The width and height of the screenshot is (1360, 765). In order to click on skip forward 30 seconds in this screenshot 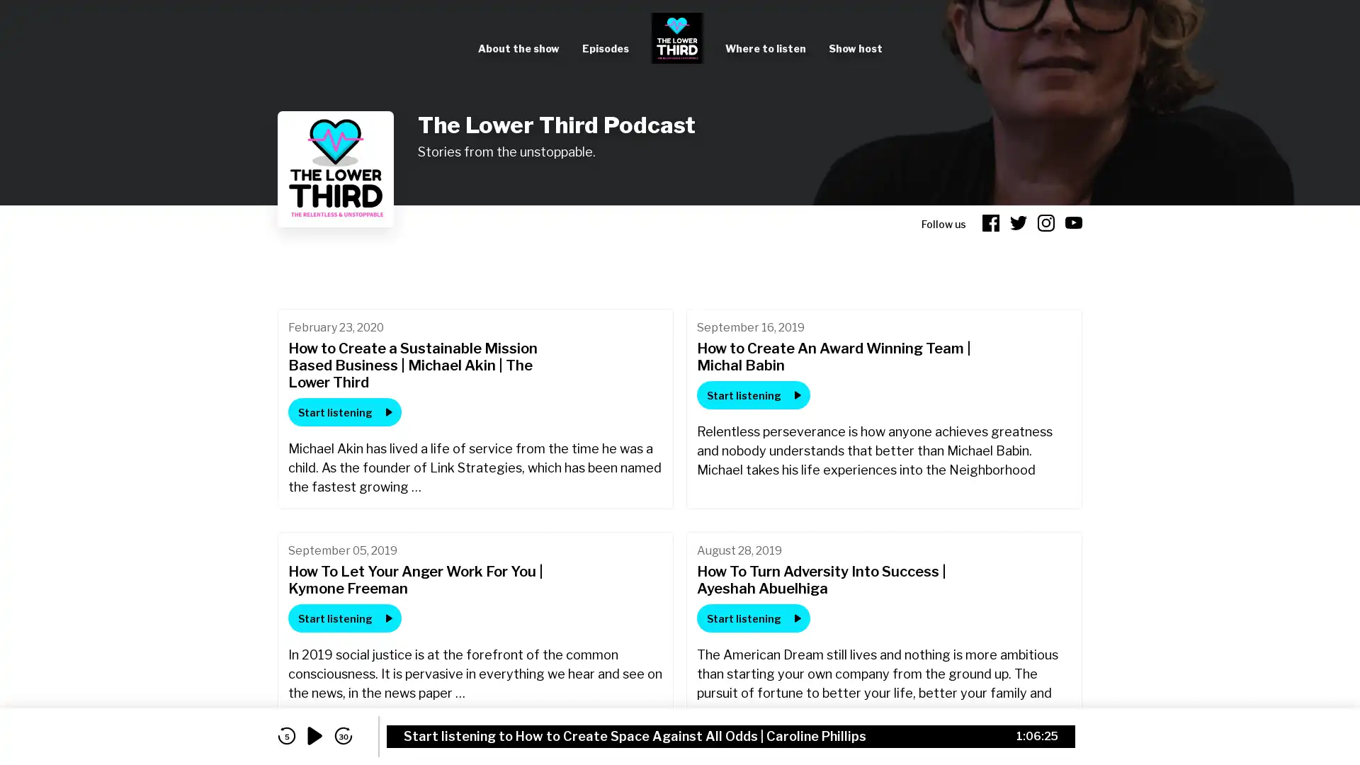, I will do `click(343, 735)`.